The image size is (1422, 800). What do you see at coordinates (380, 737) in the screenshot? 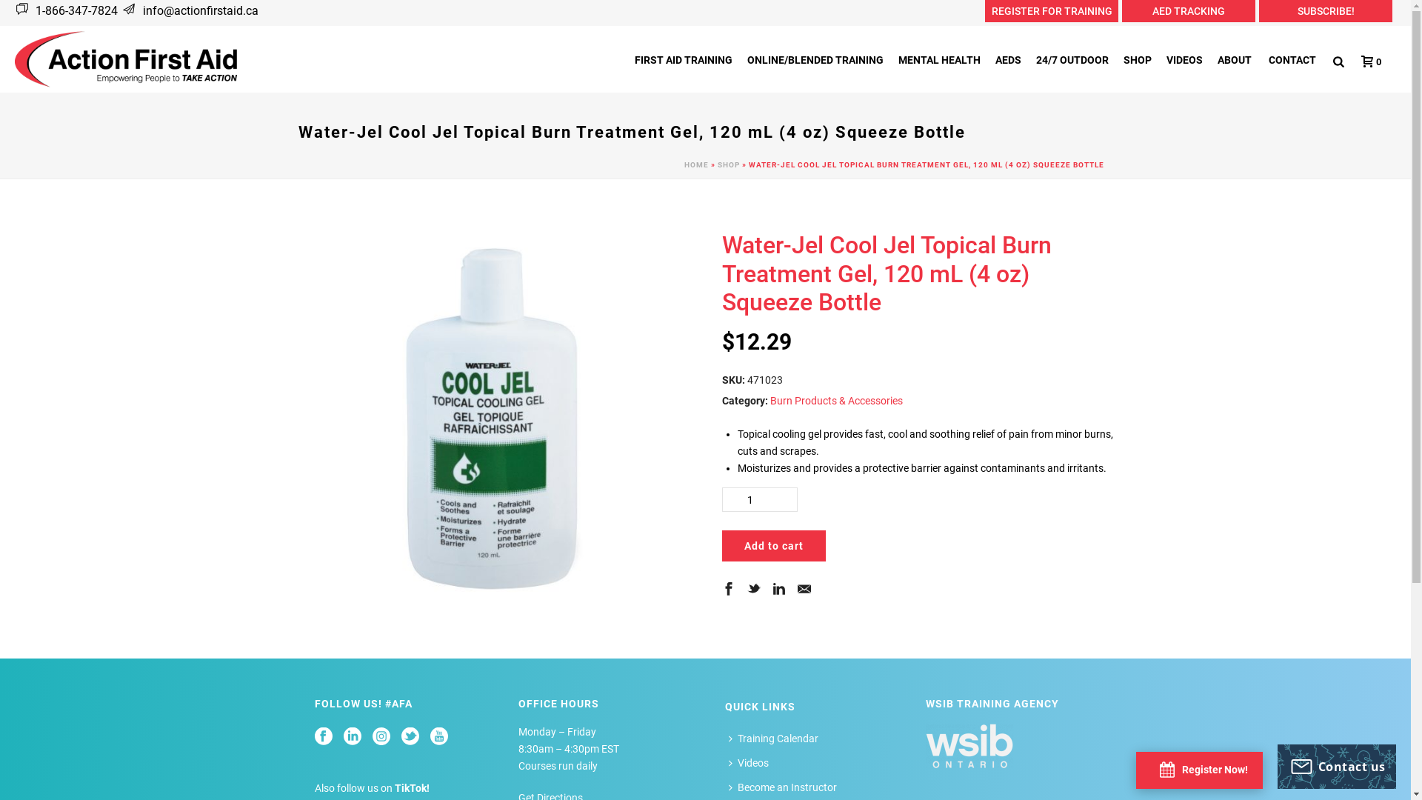
I see `'Follow Us! #afa instagram'` at bounding box center [380, 737].